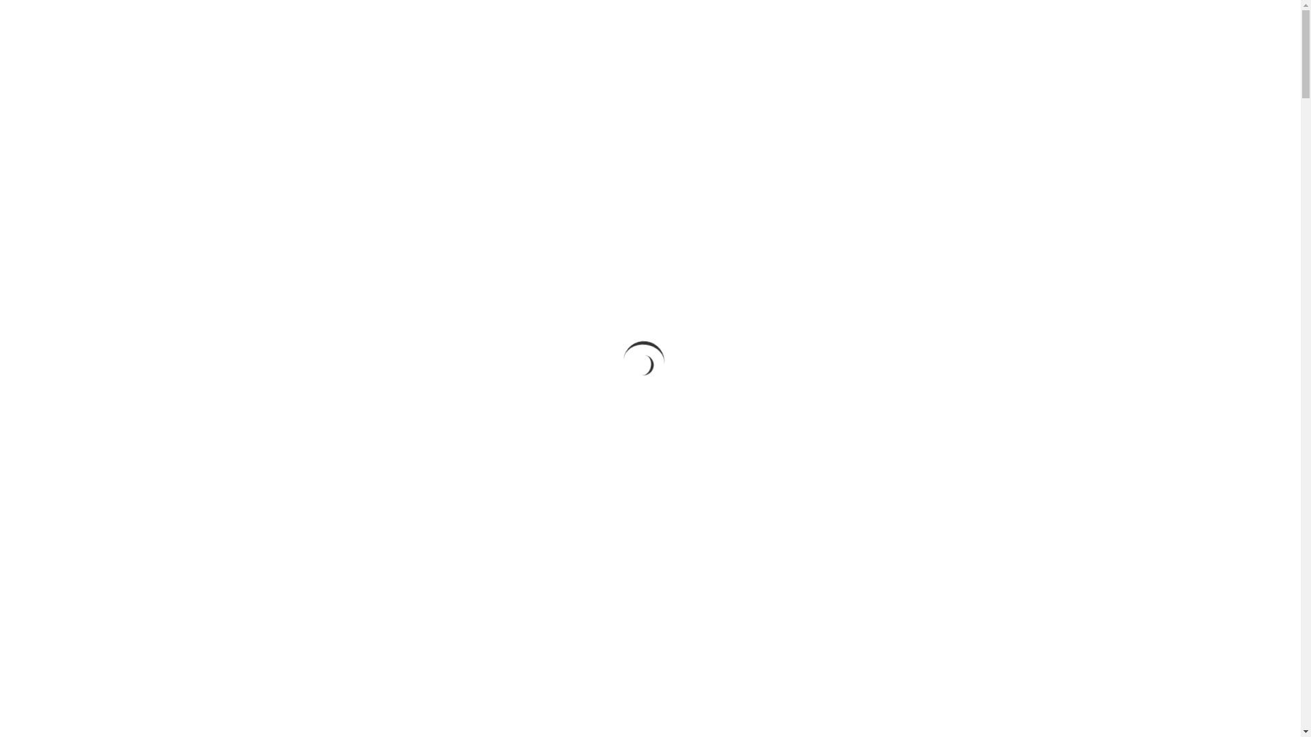 The height and width of the screenshot is (737, 1311). Describe the element at coordinates (1008, 25) in the screenshot. I see `'0432 296 228'` at that location.